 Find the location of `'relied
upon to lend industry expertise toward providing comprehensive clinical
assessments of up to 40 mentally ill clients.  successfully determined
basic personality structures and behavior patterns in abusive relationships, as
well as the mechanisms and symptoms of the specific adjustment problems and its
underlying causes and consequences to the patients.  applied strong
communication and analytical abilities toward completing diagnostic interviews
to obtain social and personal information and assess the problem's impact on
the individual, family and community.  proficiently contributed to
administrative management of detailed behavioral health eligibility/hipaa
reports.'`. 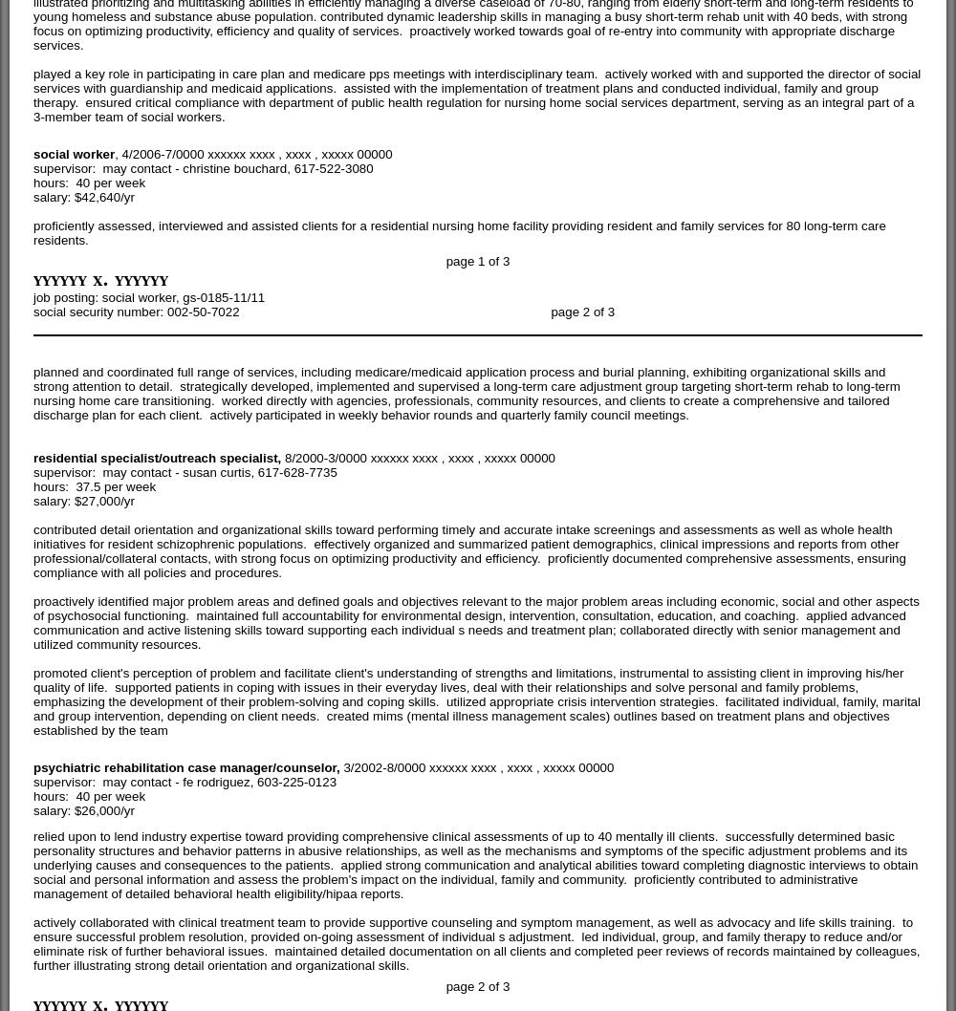

'relied
upon to lend industry expertise toward providing comprehensive clinical
assessments of up to 40 mentally ill clients.  successfully determined
basic personality structures and behavior patterns in abusive relationships, as
well as the mechanisms and symptoms of the specific adjustment problems and its
underlying causes and consequences to the patients.  applied strong
communication and analytical abilities toward completing diagnostic interviews
to obtain social and personal information and assess the problem's impact on
the individual, family and community.  proficiently contributed to
administrative management of detailed behavioral health eligibility/hipaa
reports.' is located at coordinates (474, 864).